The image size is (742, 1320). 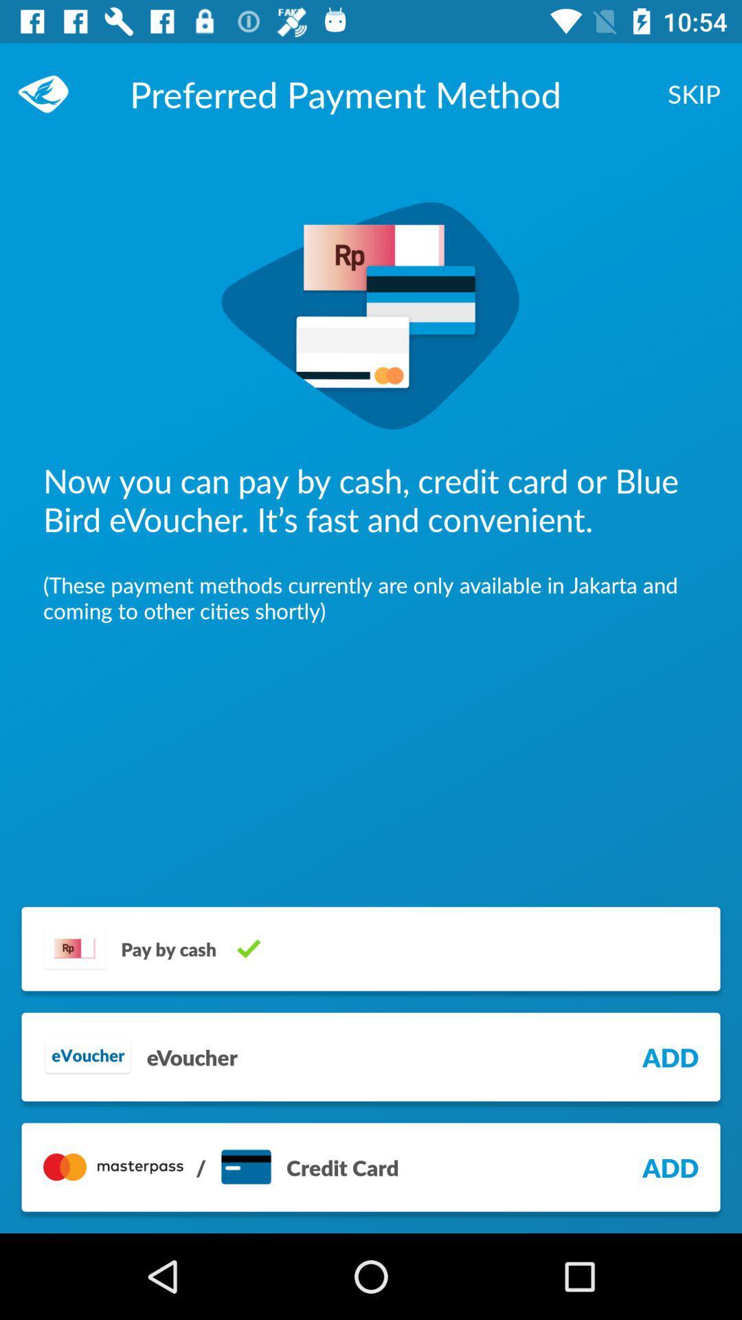 I want to click on the icon to the left of the preferred payment method item, so click(x=49, y=93).